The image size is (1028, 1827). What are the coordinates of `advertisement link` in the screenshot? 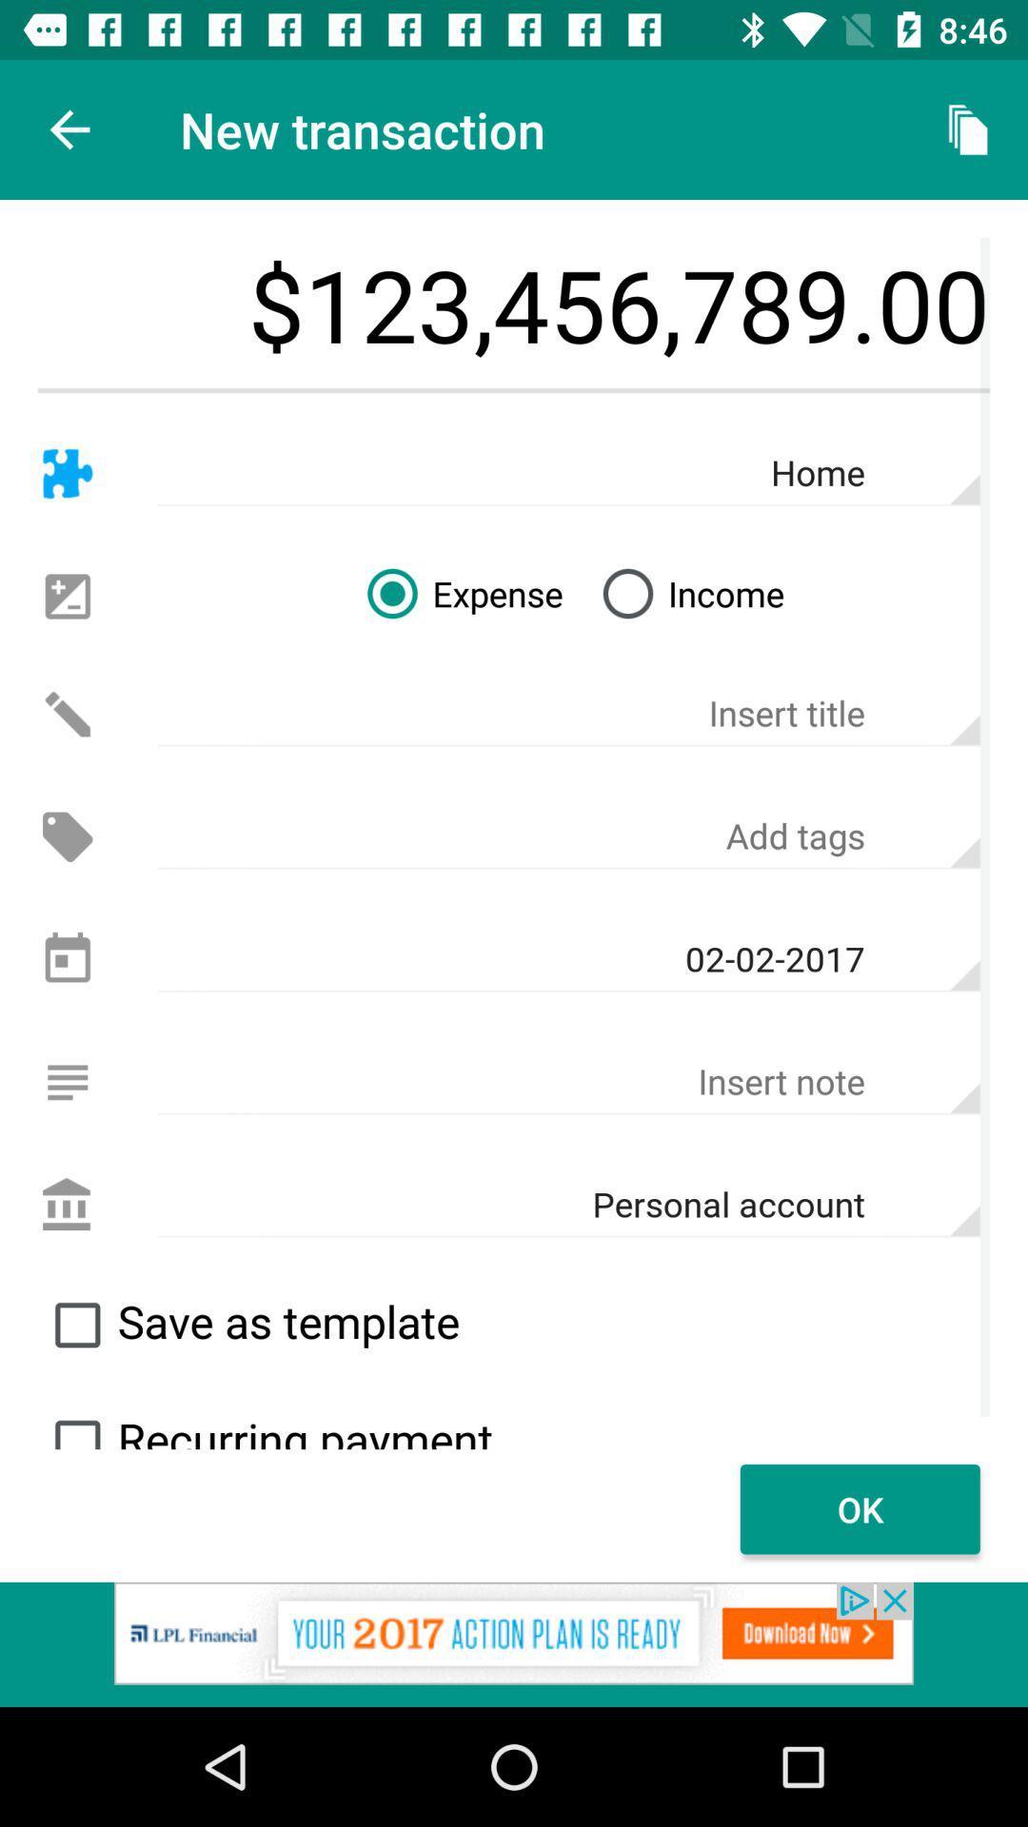 It's located at (514, 1643).